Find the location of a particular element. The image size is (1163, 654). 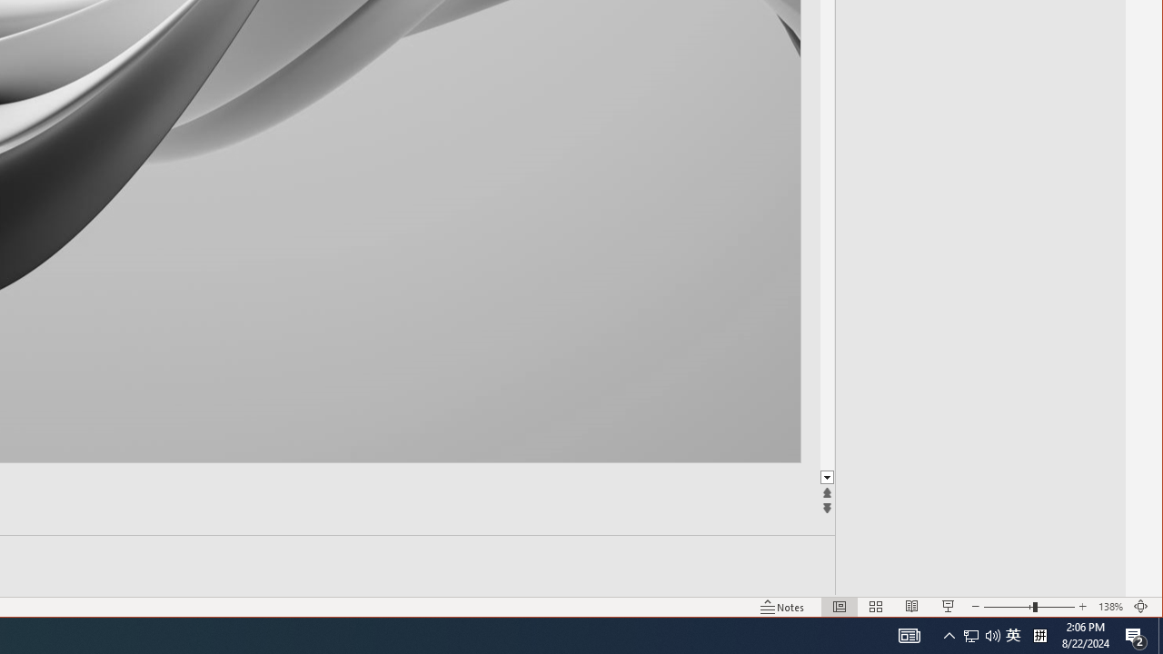

'Zoom 138%' is located at coordinates (1109, 607).